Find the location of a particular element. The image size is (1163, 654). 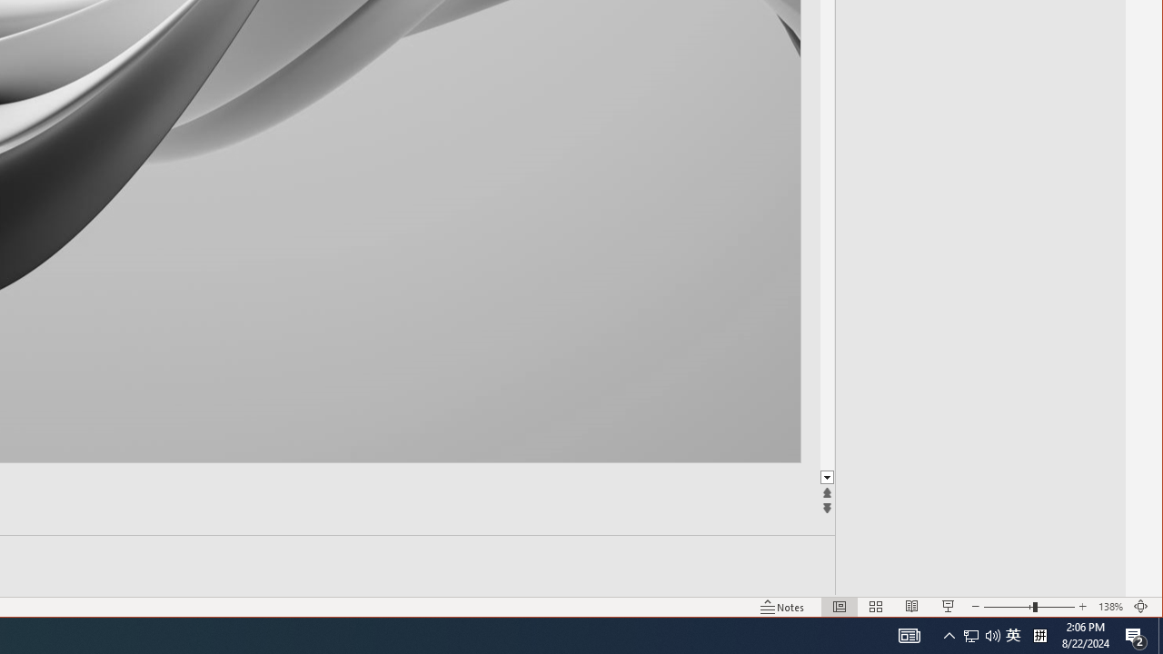

'Zoom 138%' is located at coordinates (1109, 607).